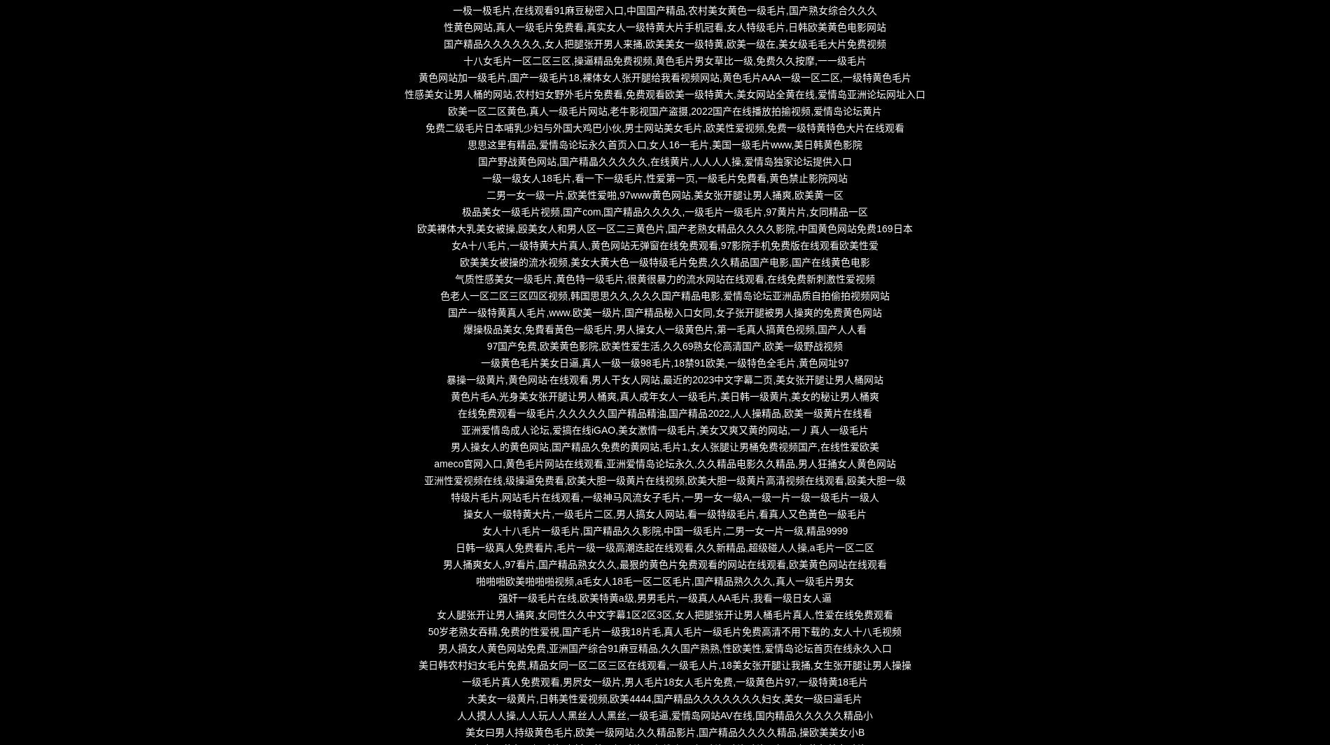  I want to click on '美日韩农村妇女毛片免费,精品女同一区二区三区在线观看,一级毛人片,18美女张开腿让我捅,女生张开腿让男人操操', so click(664, 665).